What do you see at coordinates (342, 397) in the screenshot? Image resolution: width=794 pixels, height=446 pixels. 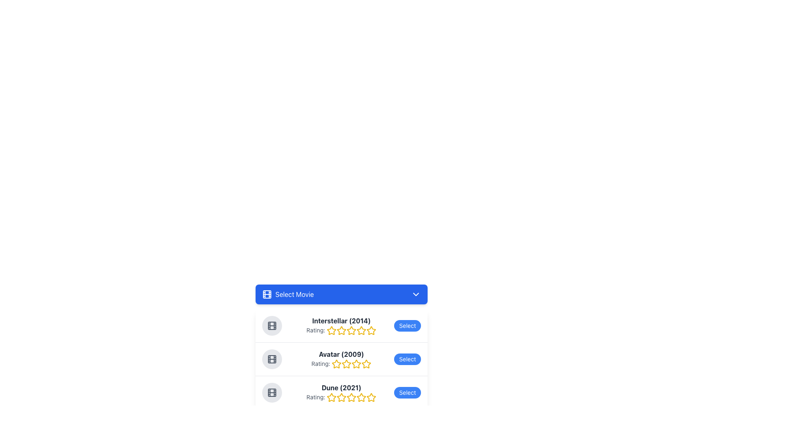 I see `the third yellow star icon in the rating bar for the movie 'Dune (2021)'` at bounding box center [342, 397].